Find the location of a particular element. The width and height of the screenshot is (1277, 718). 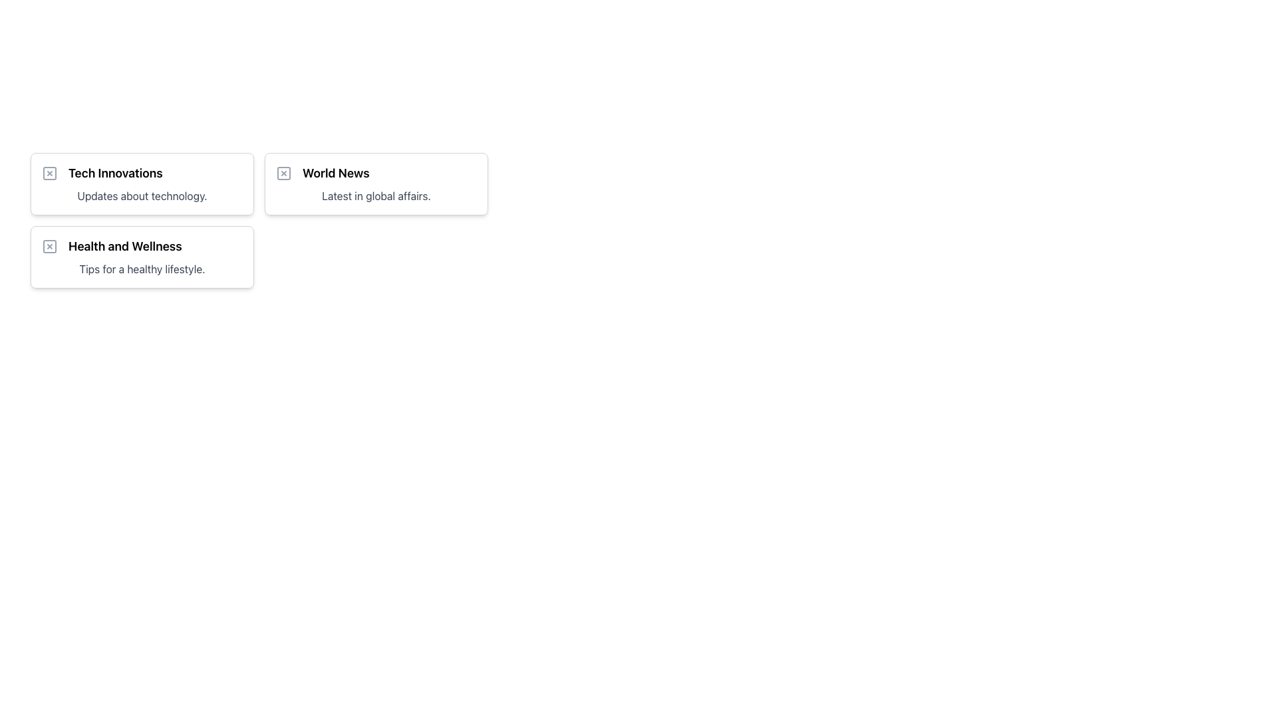

the dismiss icon button located to the left of the 'Tech Innovations' label is located at coordinates (50, 173).